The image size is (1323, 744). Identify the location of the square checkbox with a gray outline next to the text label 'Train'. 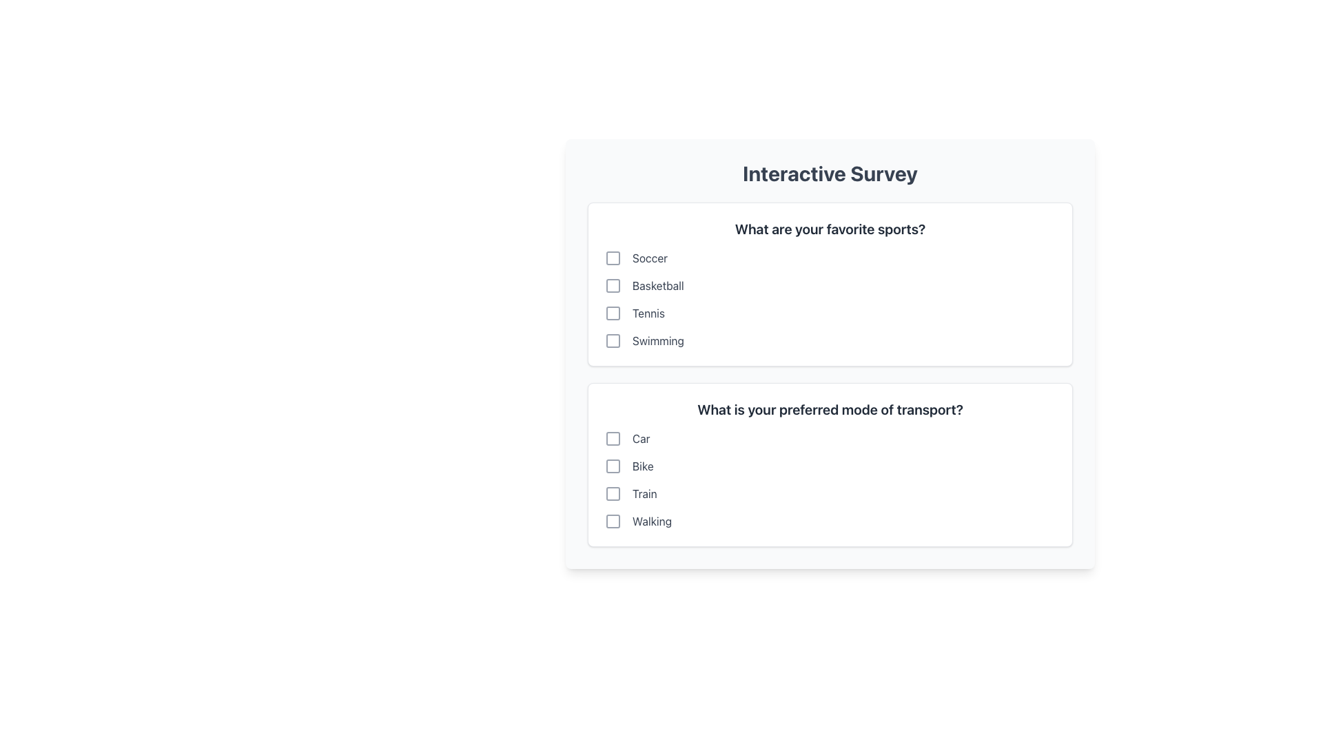
(612, 493).